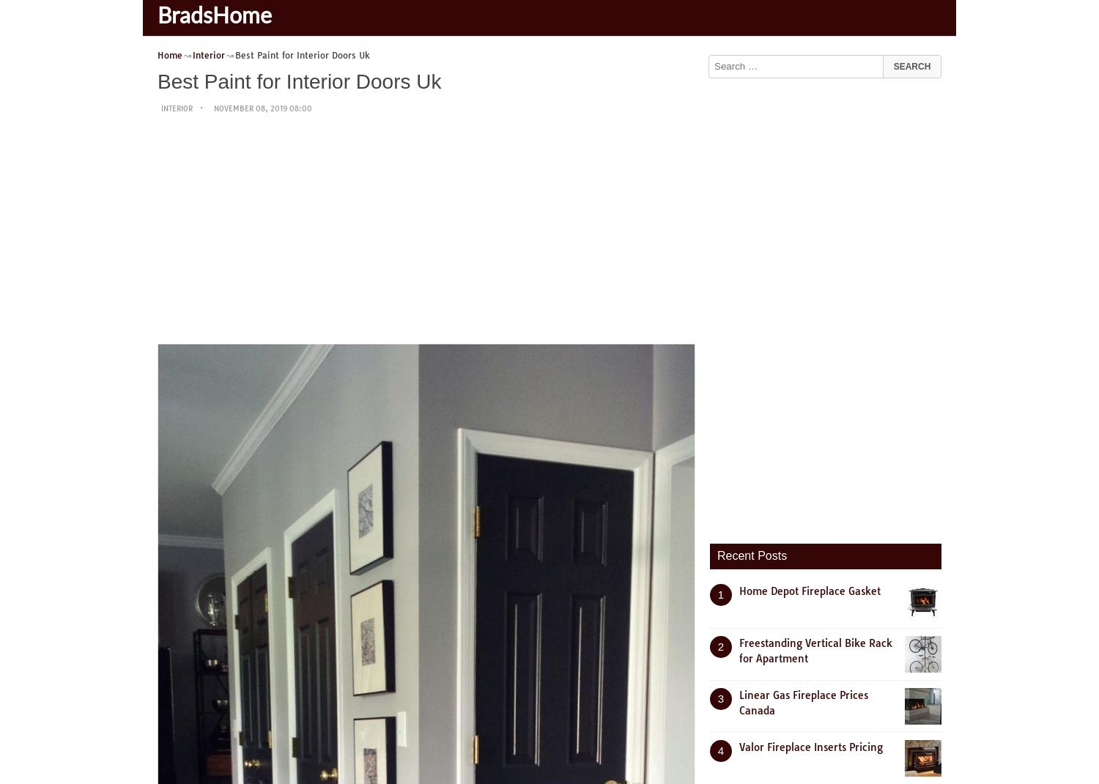 This screenshot has height=784, width=1099. Describe the element at coordinates (262, 108) in the screenshot. I see `'November 08, 2019 08:00'` at that location.